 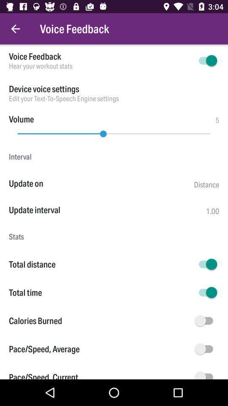 I want to click on the item to the left of the voice feedback icon, so click(x=15, y=29).